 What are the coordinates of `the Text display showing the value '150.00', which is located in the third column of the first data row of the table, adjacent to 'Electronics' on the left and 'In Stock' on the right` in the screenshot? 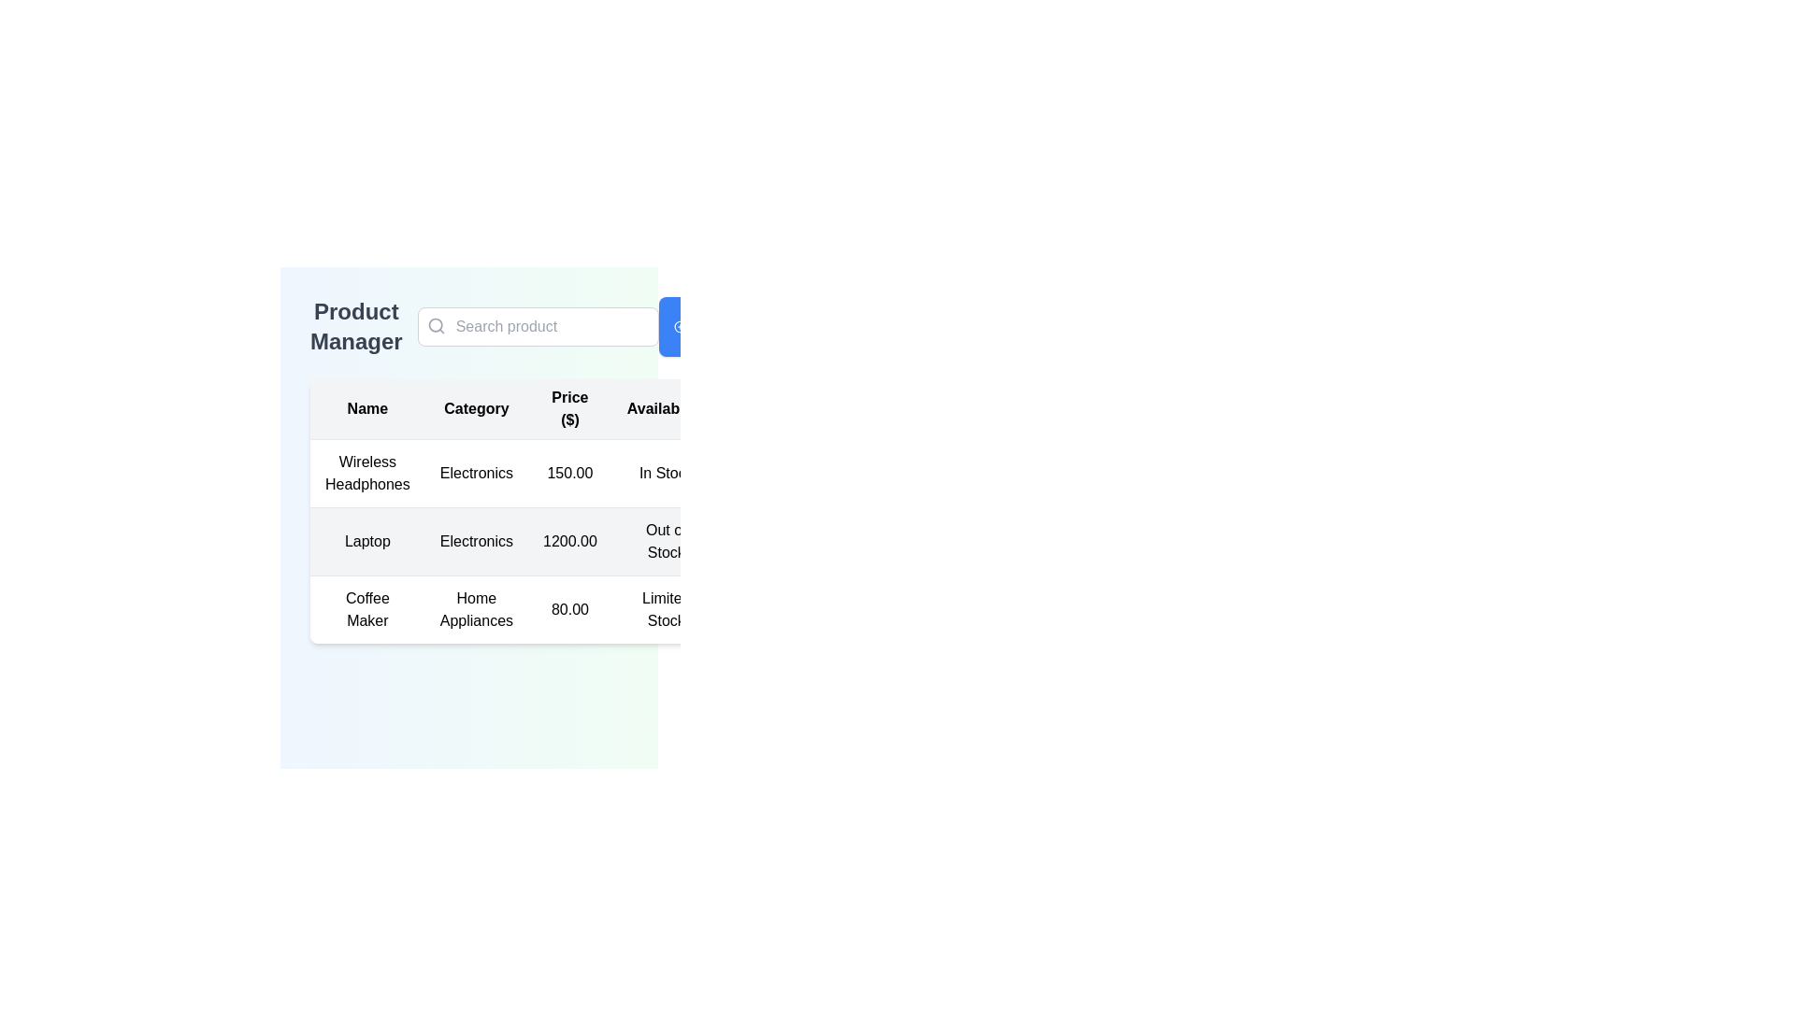 It's located at (568, 472).